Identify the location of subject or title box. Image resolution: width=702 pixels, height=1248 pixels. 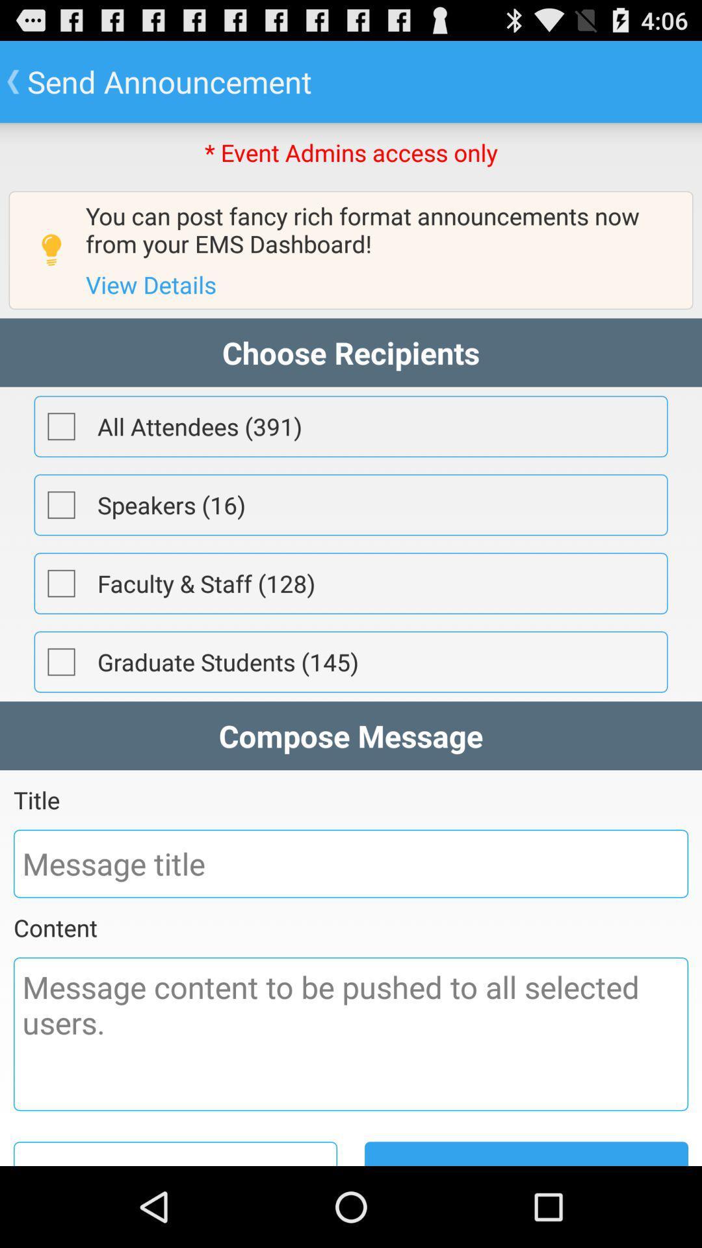
(351, 864).